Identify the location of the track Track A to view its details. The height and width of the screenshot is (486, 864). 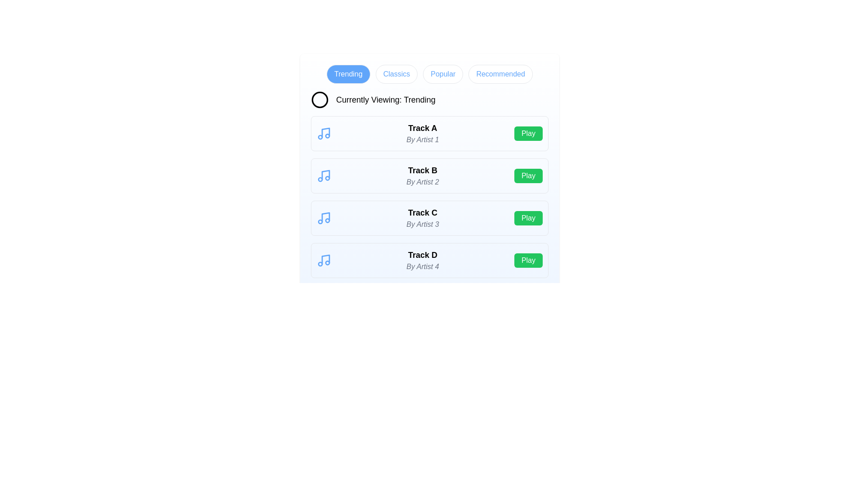
(422, 134).